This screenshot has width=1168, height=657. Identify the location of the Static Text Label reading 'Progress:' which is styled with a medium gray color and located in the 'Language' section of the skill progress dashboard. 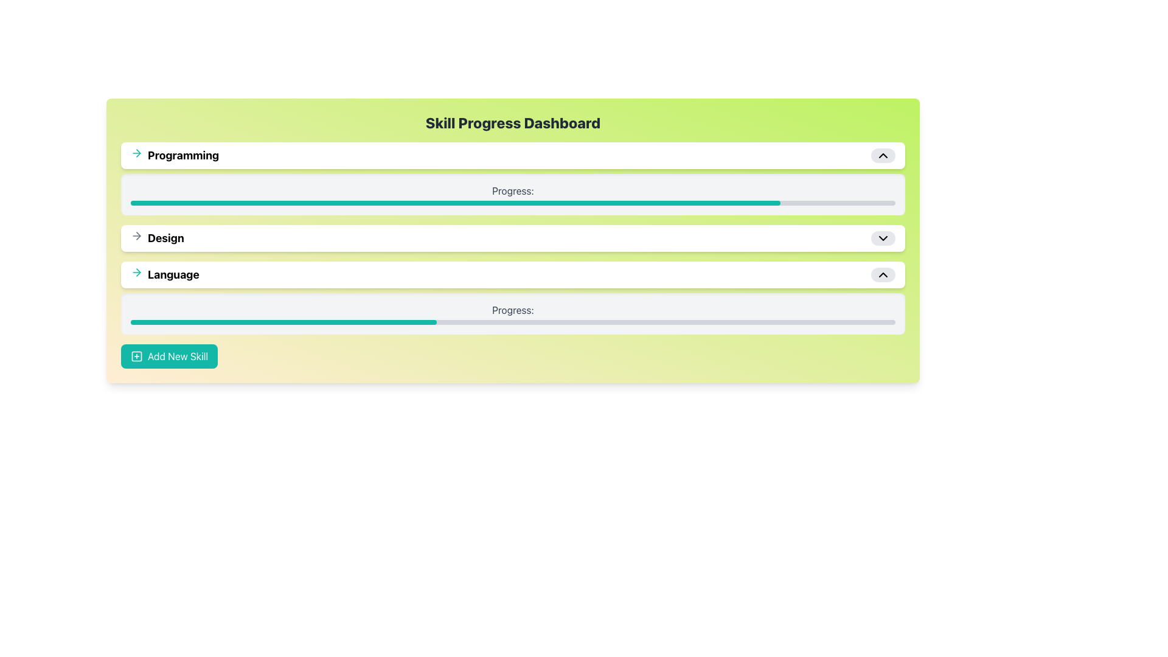
(513, 309).